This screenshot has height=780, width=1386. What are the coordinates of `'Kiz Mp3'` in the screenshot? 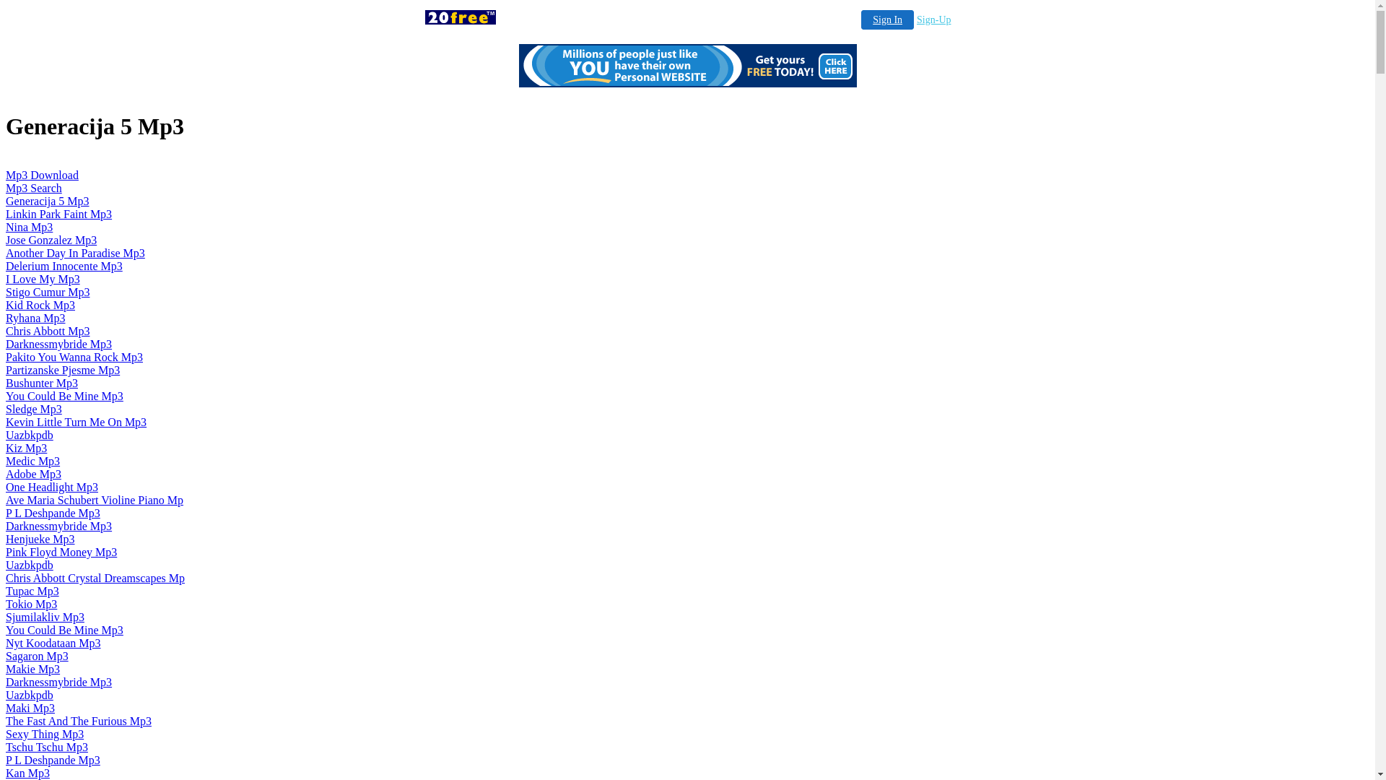 It's located at (26, 447).